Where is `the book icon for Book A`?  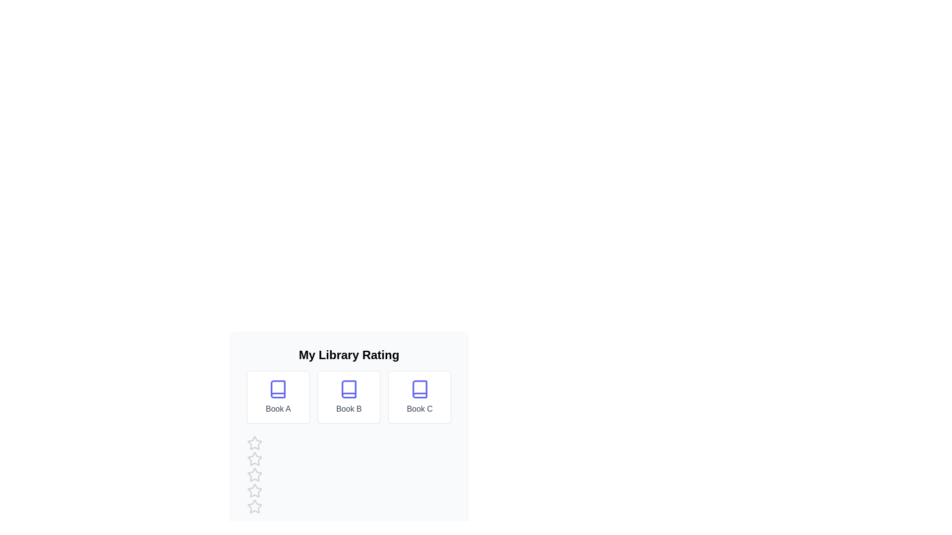 the book icon for Book A is located at coordinates (278, 389).